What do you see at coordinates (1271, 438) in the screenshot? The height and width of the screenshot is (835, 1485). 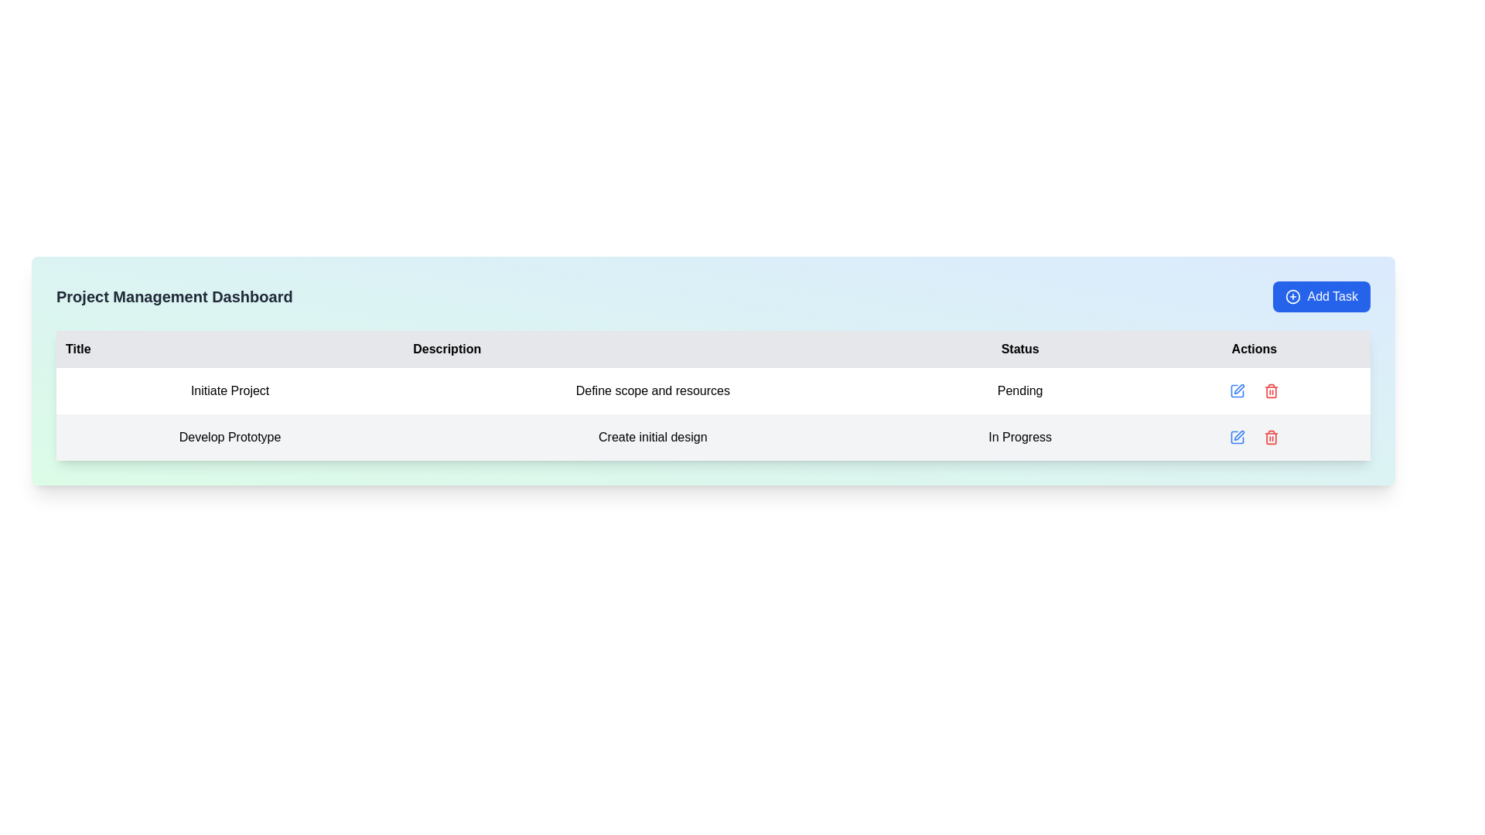 I see `the delete icon button located in the 'Actions' column of the second row in the table` at bounding box center [1271, 438].